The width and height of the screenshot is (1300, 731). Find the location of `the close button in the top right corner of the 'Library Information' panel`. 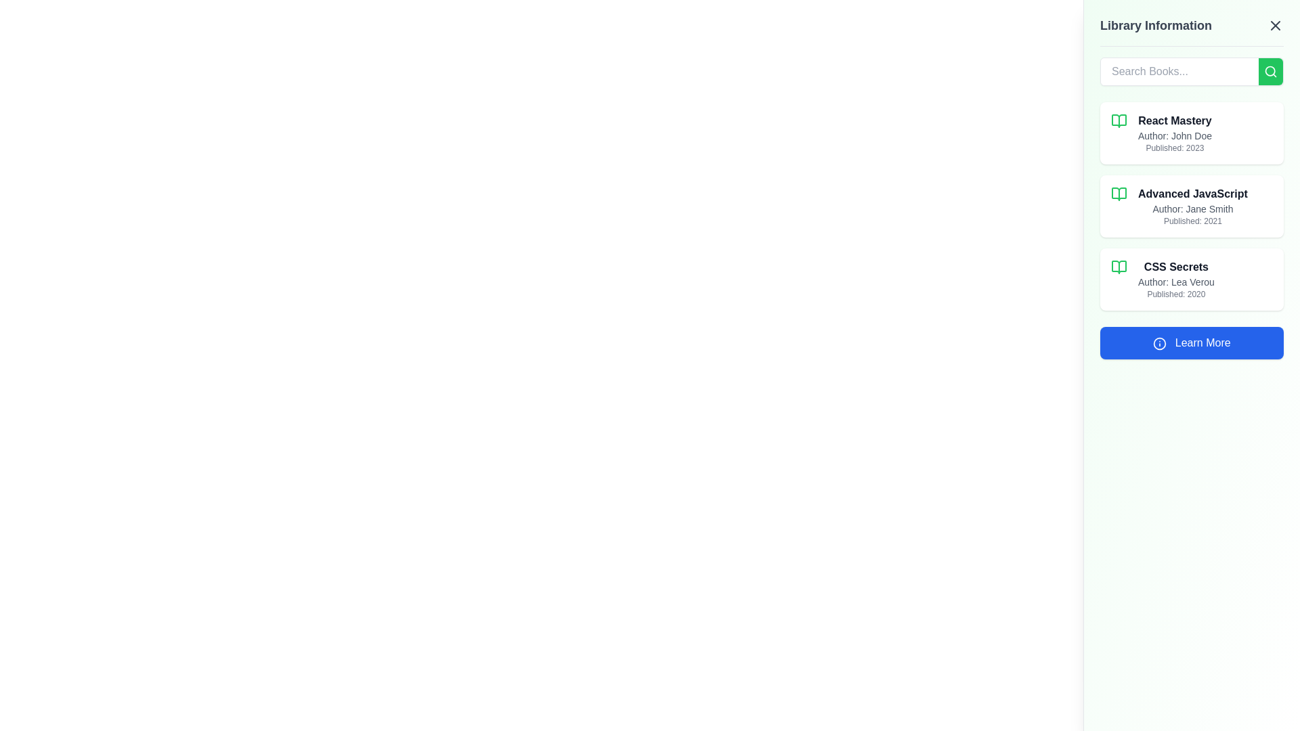

the close button in the top right corner of the 'Library Information' panel is located at coordinates (1274, 26).